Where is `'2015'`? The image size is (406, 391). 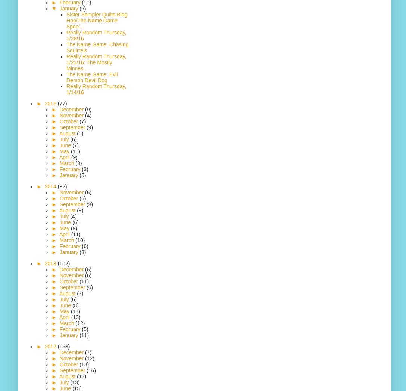 '2015' is located at coordinates (51, 103).